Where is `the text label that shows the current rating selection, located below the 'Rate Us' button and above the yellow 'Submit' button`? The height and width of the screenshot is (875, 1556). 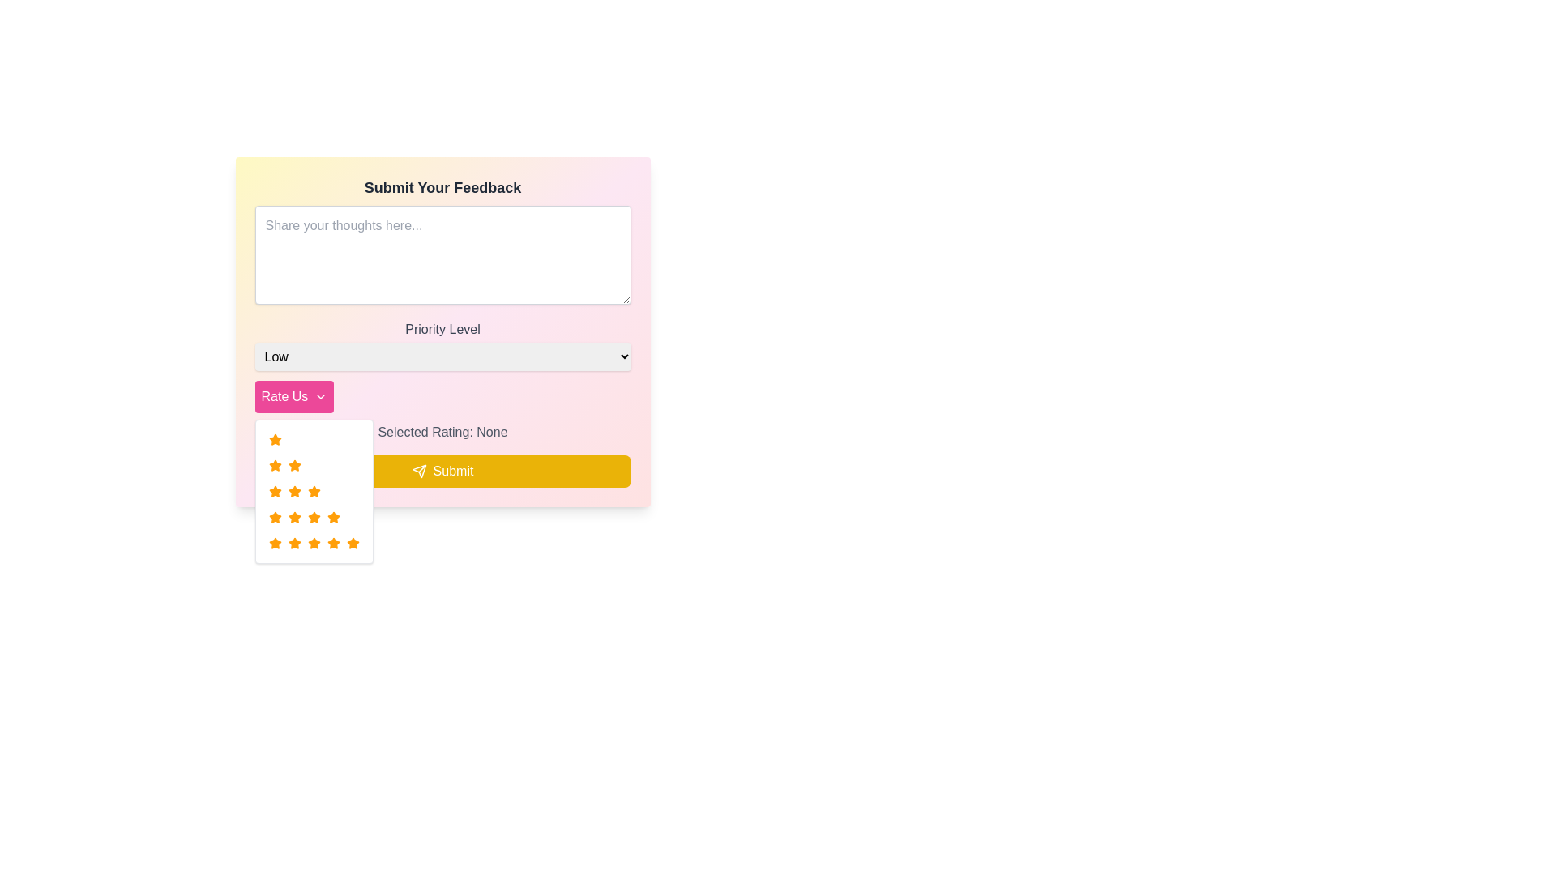 the text label that shows the current rating selection, located below the 'Rate Us' button and above the yellow 'Submit' button is located at coordinates (442, 431).